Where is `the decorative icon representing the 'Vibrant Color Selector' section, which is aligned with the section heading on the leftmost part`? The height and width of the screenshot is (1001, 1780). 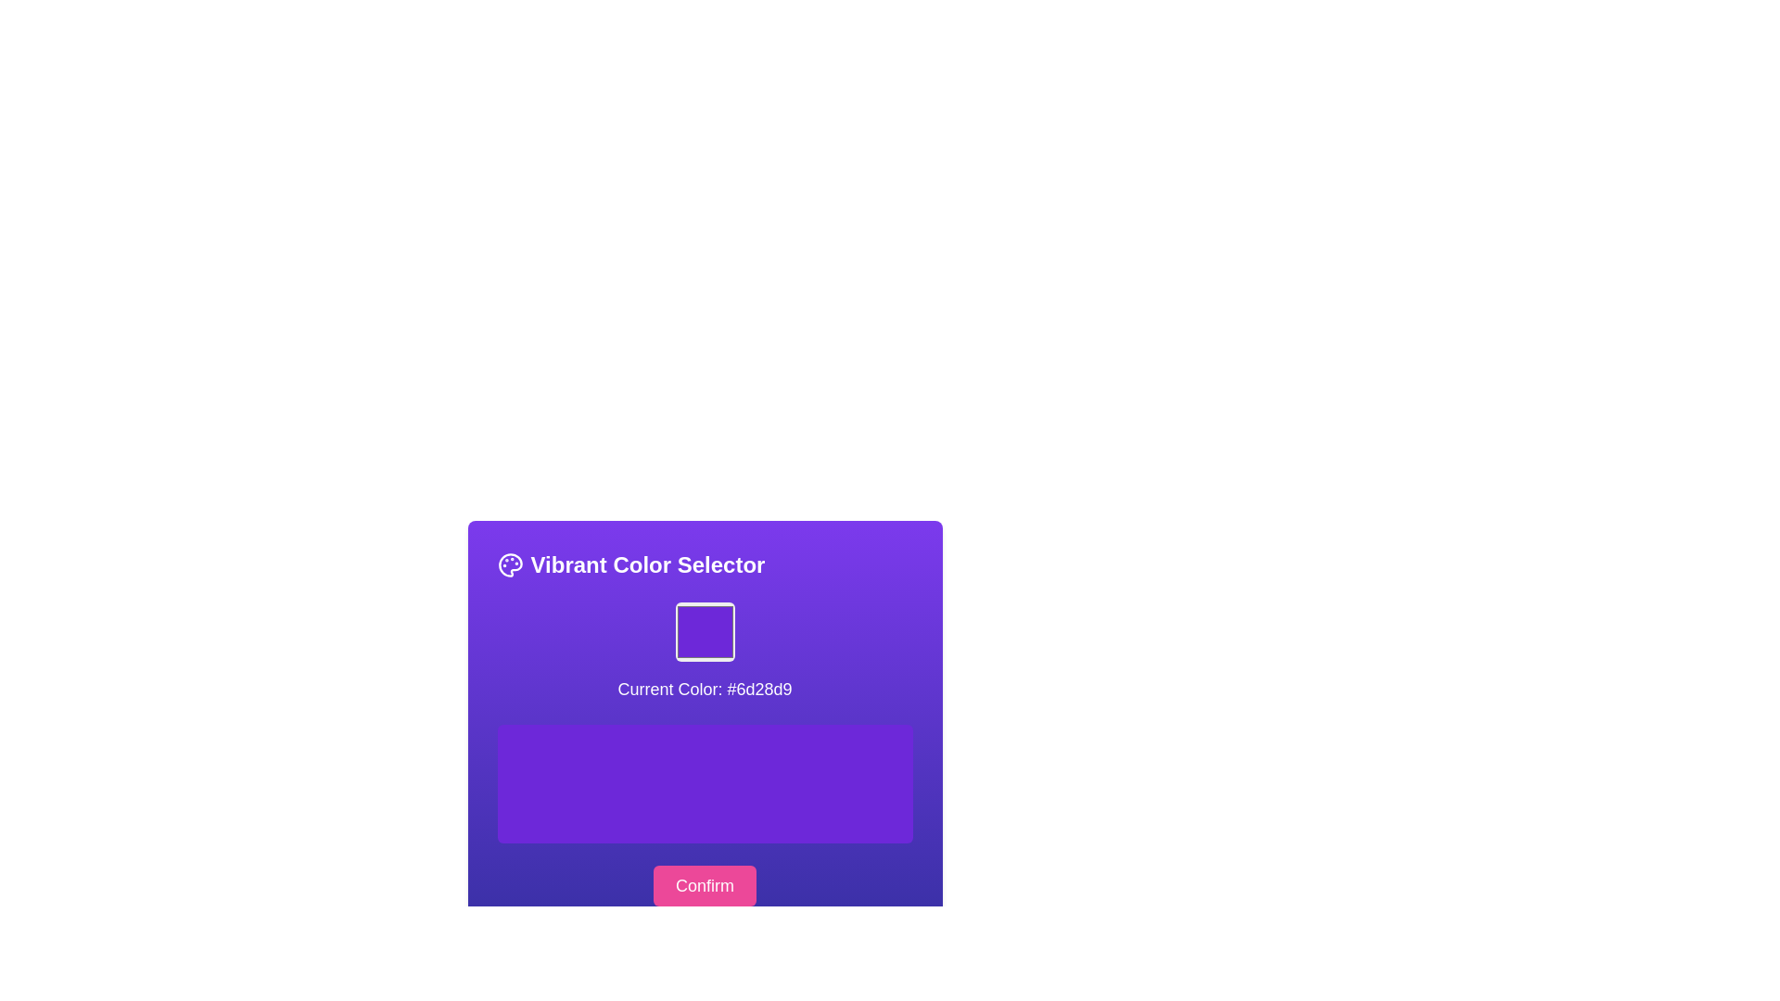 the decorative icon representing the 'Vibrant Color Selector' section, which is aligned with the section heading on the leftmost part is located at coordinates (510, 564).